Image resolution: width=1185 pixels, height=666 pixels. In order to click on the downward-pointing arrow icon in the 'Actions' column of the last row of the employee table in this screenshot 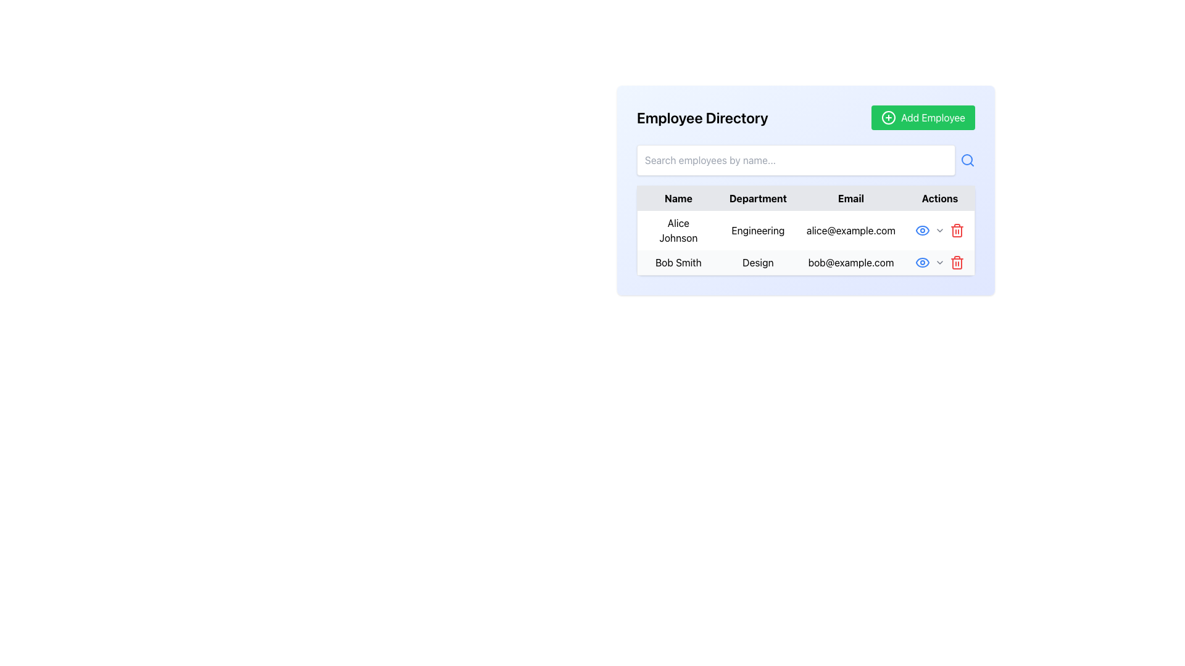, I will do `click(939, 261)`.